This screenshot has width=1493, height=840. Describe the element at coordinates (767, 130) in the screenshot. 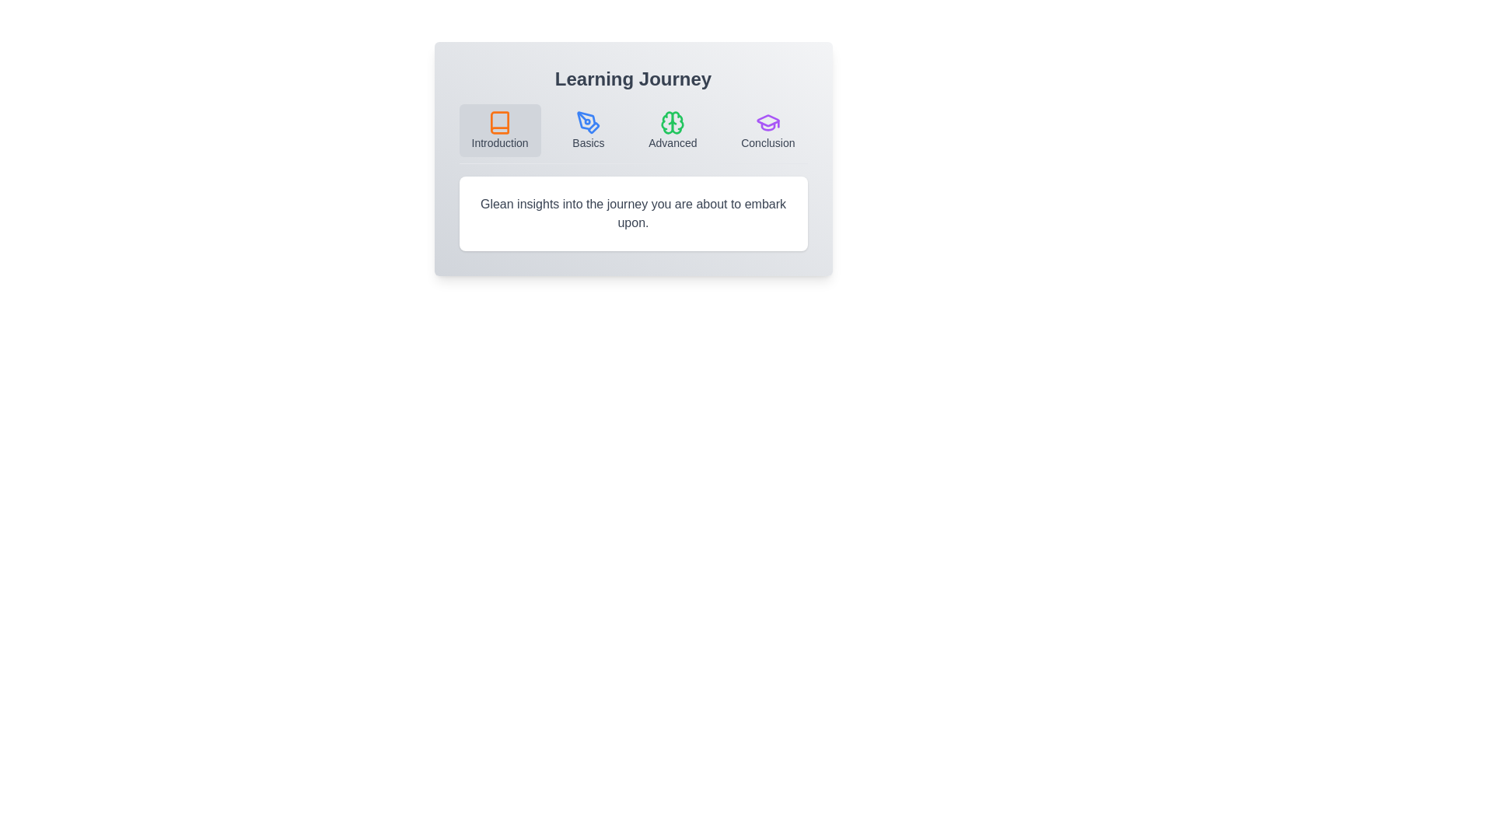

I see `the button corresponding to the topic Conclusion to inspect its icon` at that location.